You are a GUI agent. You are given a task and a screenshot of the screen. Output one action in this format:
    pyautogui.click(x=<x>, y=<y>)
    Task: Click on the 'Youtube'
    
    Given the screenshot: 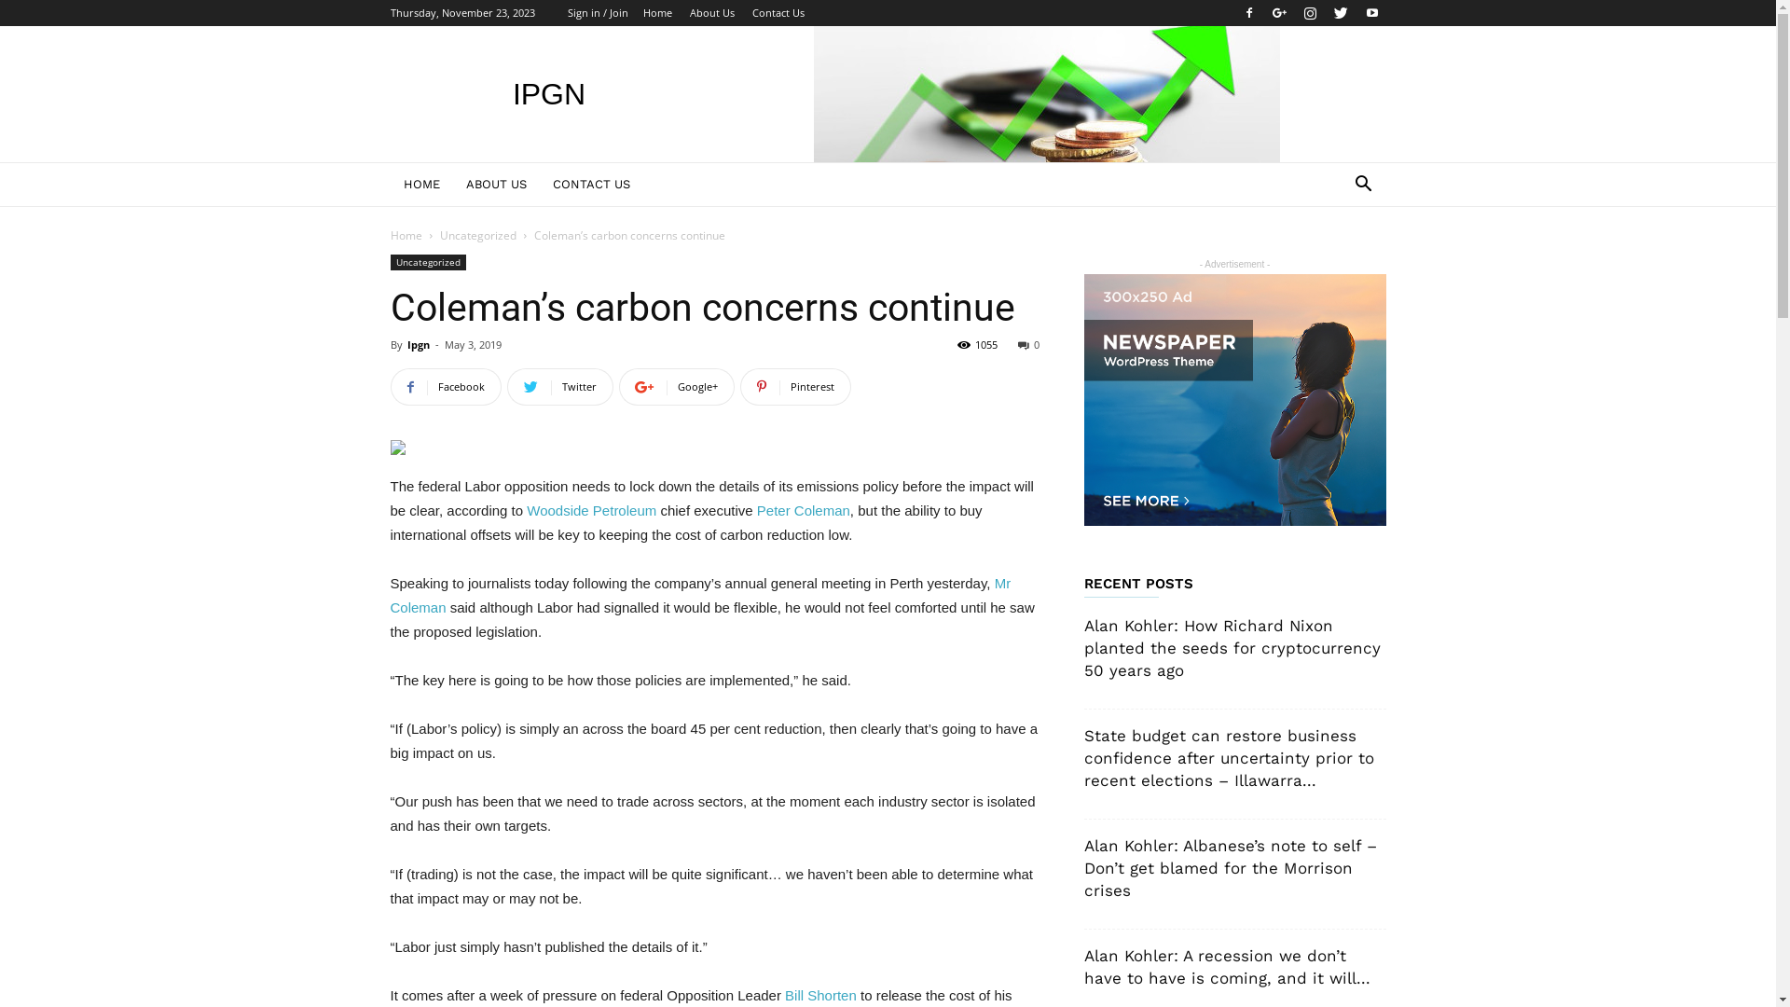 What is the action you would take?
    pyautogui.click(x=1370, y=13)
    